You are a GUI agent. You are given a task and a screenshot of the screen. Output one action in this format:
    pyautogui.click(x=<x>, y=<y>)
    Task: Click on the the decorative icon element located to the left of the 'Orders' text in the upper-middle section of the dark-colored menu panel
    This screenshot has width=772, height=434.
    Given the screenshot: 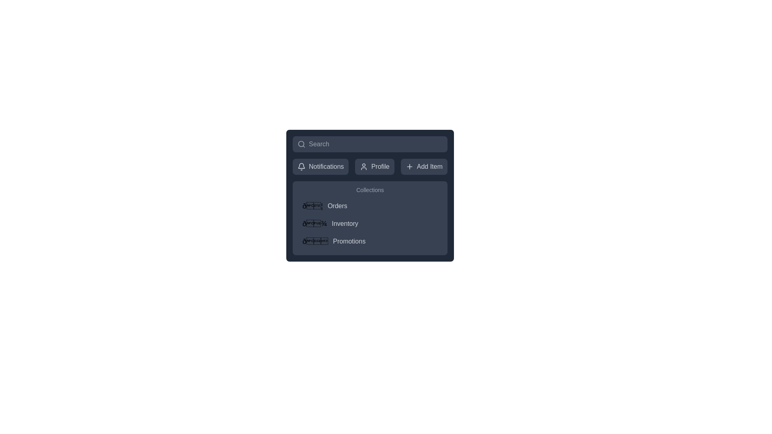 What is the action you would take?
    pyautogui.click(x=312, y=206)
    